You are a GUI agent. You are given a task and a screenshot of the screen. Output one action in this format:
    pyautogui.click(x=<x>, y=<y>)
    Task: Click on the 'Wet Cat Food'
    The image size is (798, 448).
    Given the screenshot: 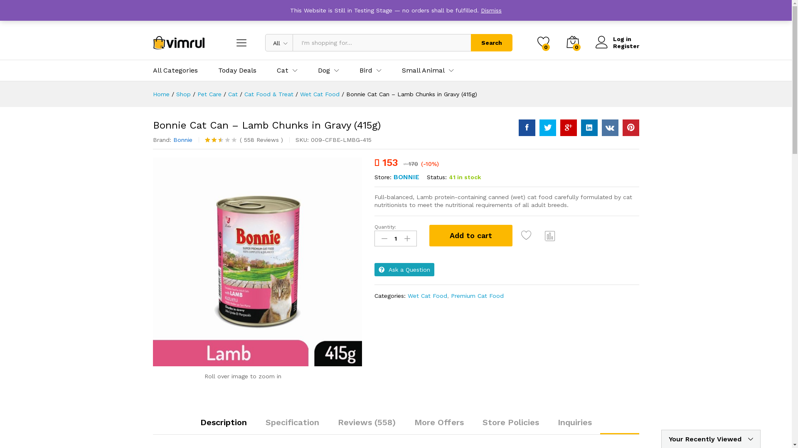 What is the action you would take?
    pyautogui.click(x=319, y=94)
    